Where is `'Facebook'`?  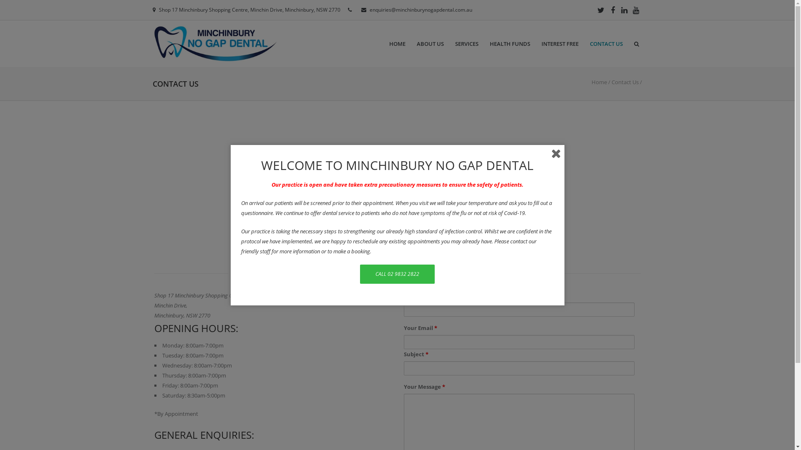
'Facebook' is located at coordinates (612, 10).